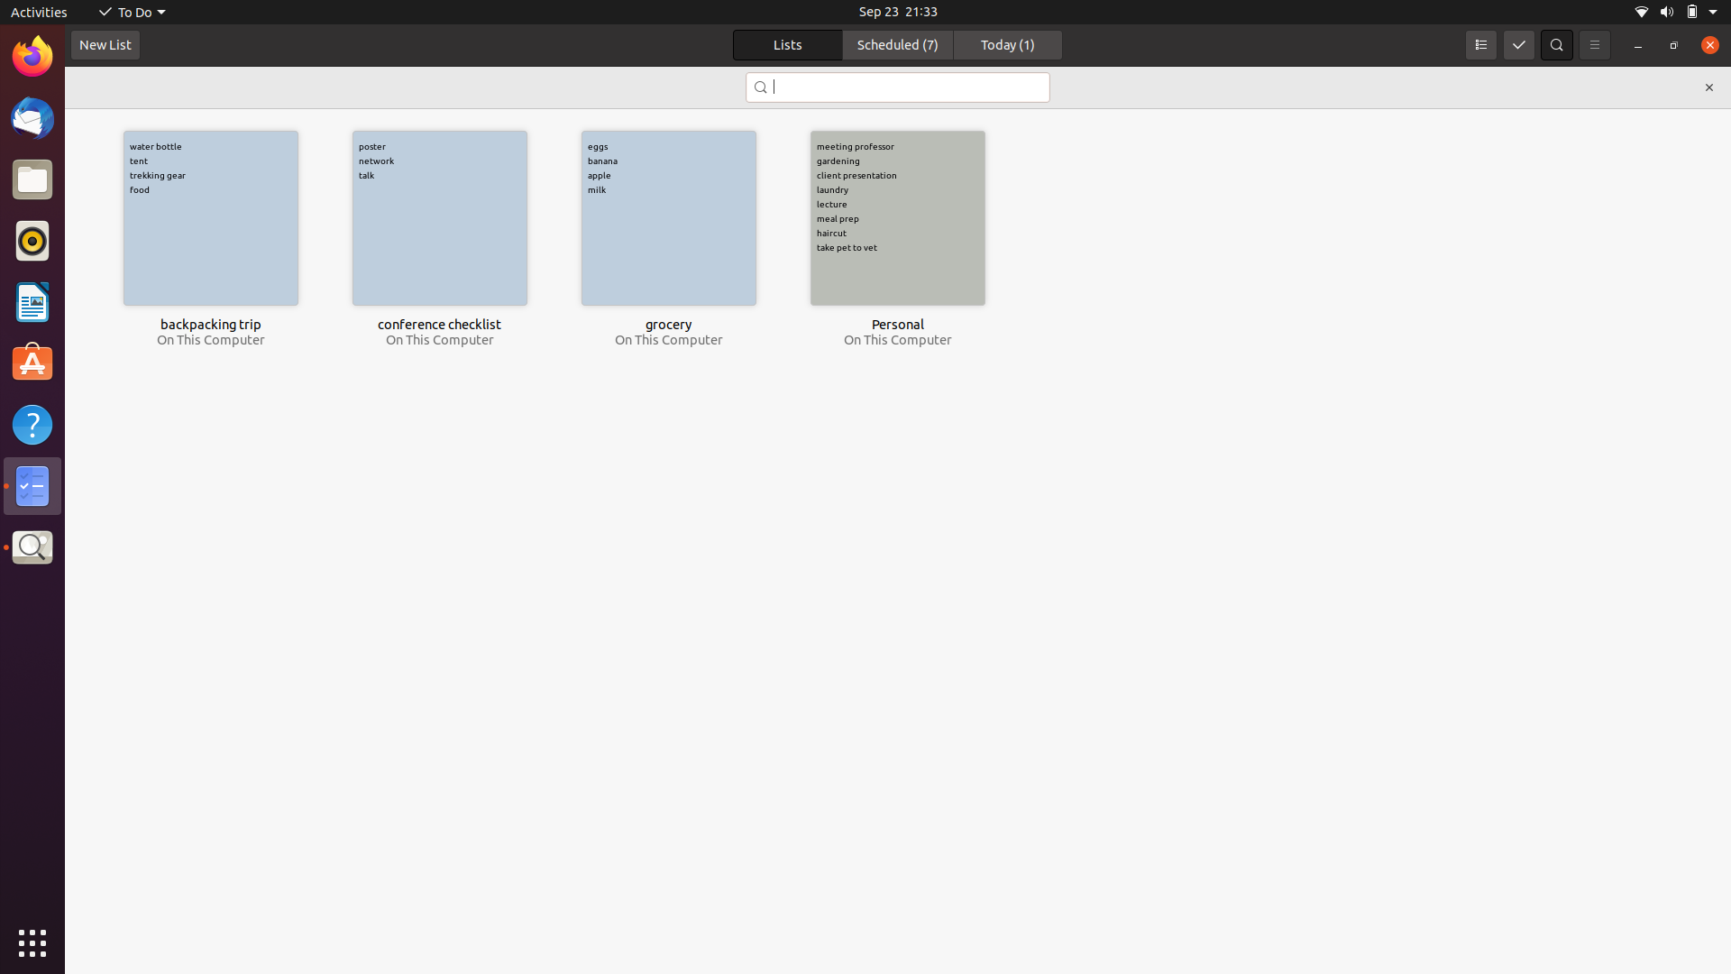 This screenshot has height=974, width=1731. What do you see at coordinates (104, 45) in the screenshot?
I see `Create a new list` at bounding box center [104, 45].